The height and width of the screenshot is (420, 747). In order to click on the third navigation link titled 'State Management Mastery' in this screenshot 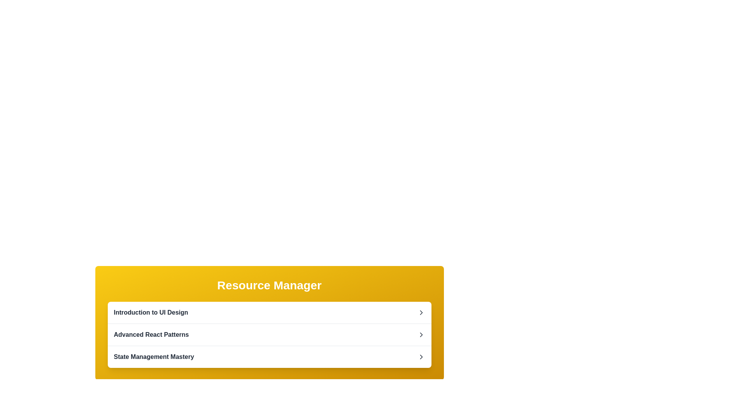, I will do `click(269, 357)`.